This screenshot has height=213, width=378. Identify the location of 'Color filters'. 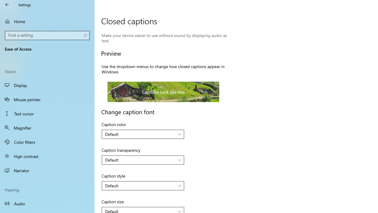
(47, 142).